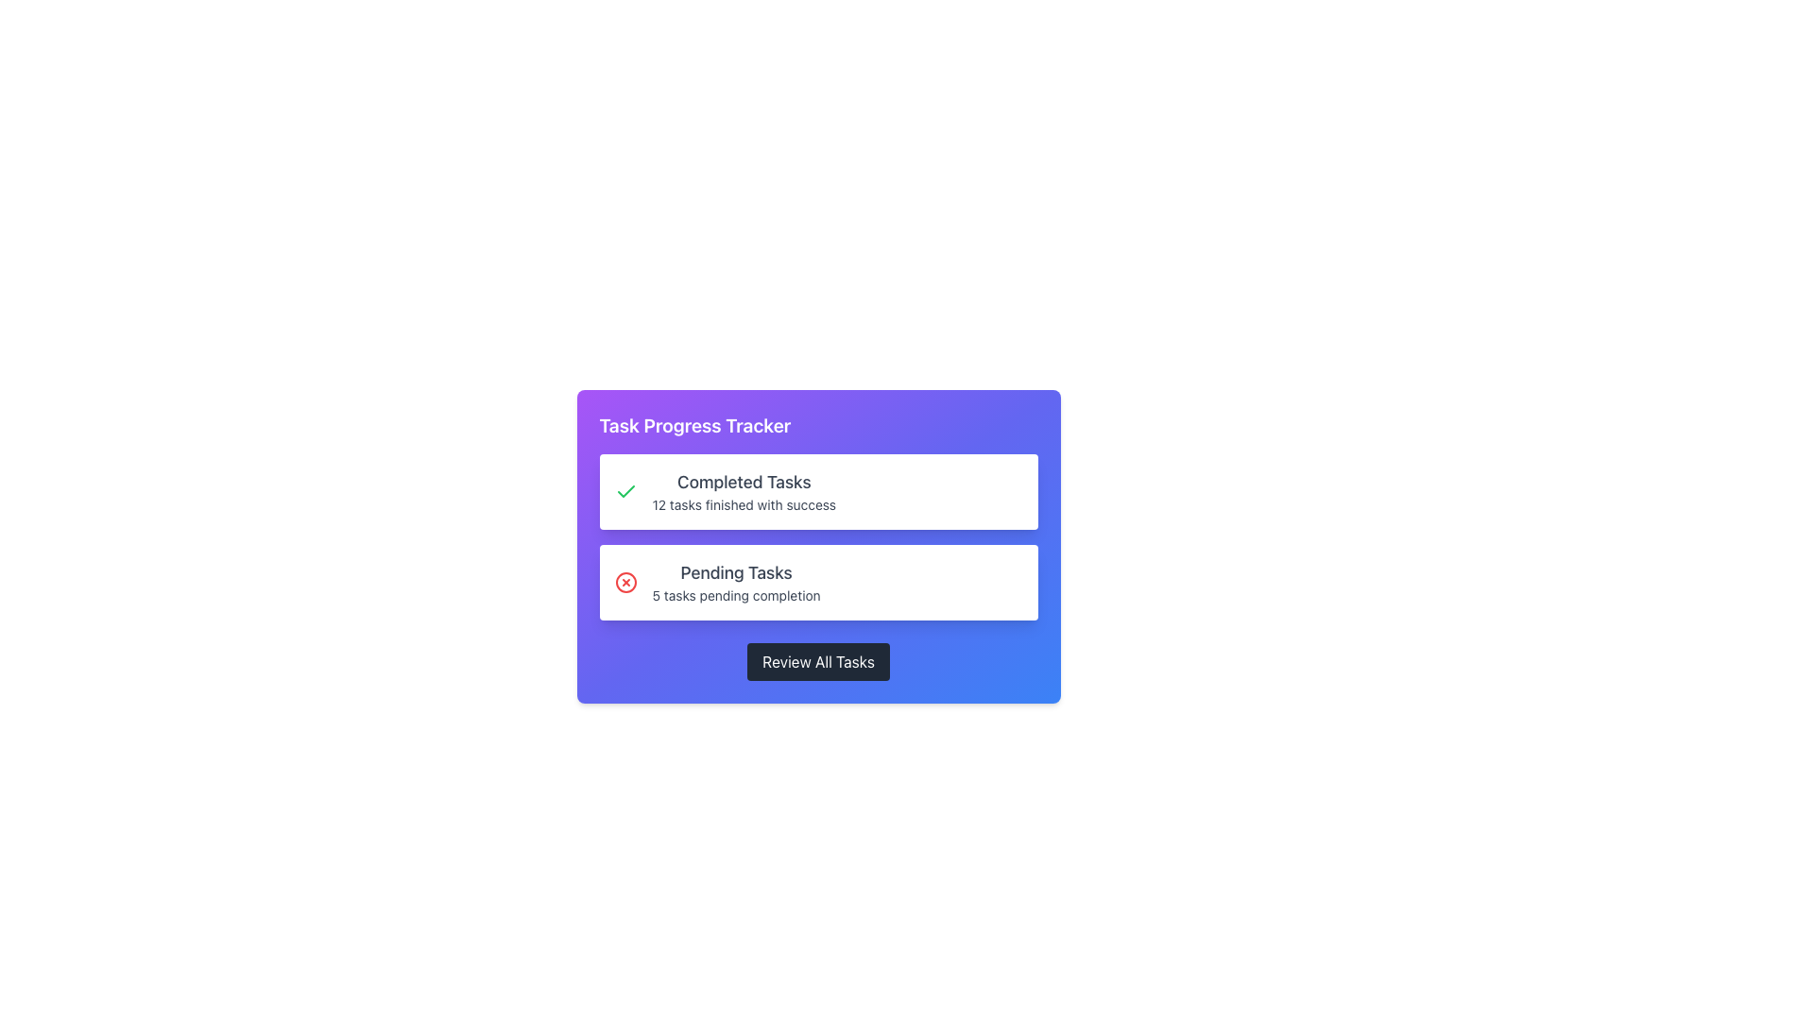 The image size is (1814, 1020). What do you see at coordinates (818, 490) in the screenshot?
I see `the Information Card that summarizes completed tasks, located above the 'Pending Tasks' card in the 'Task Progress Tracker' section` at bounding box center [818, 490].